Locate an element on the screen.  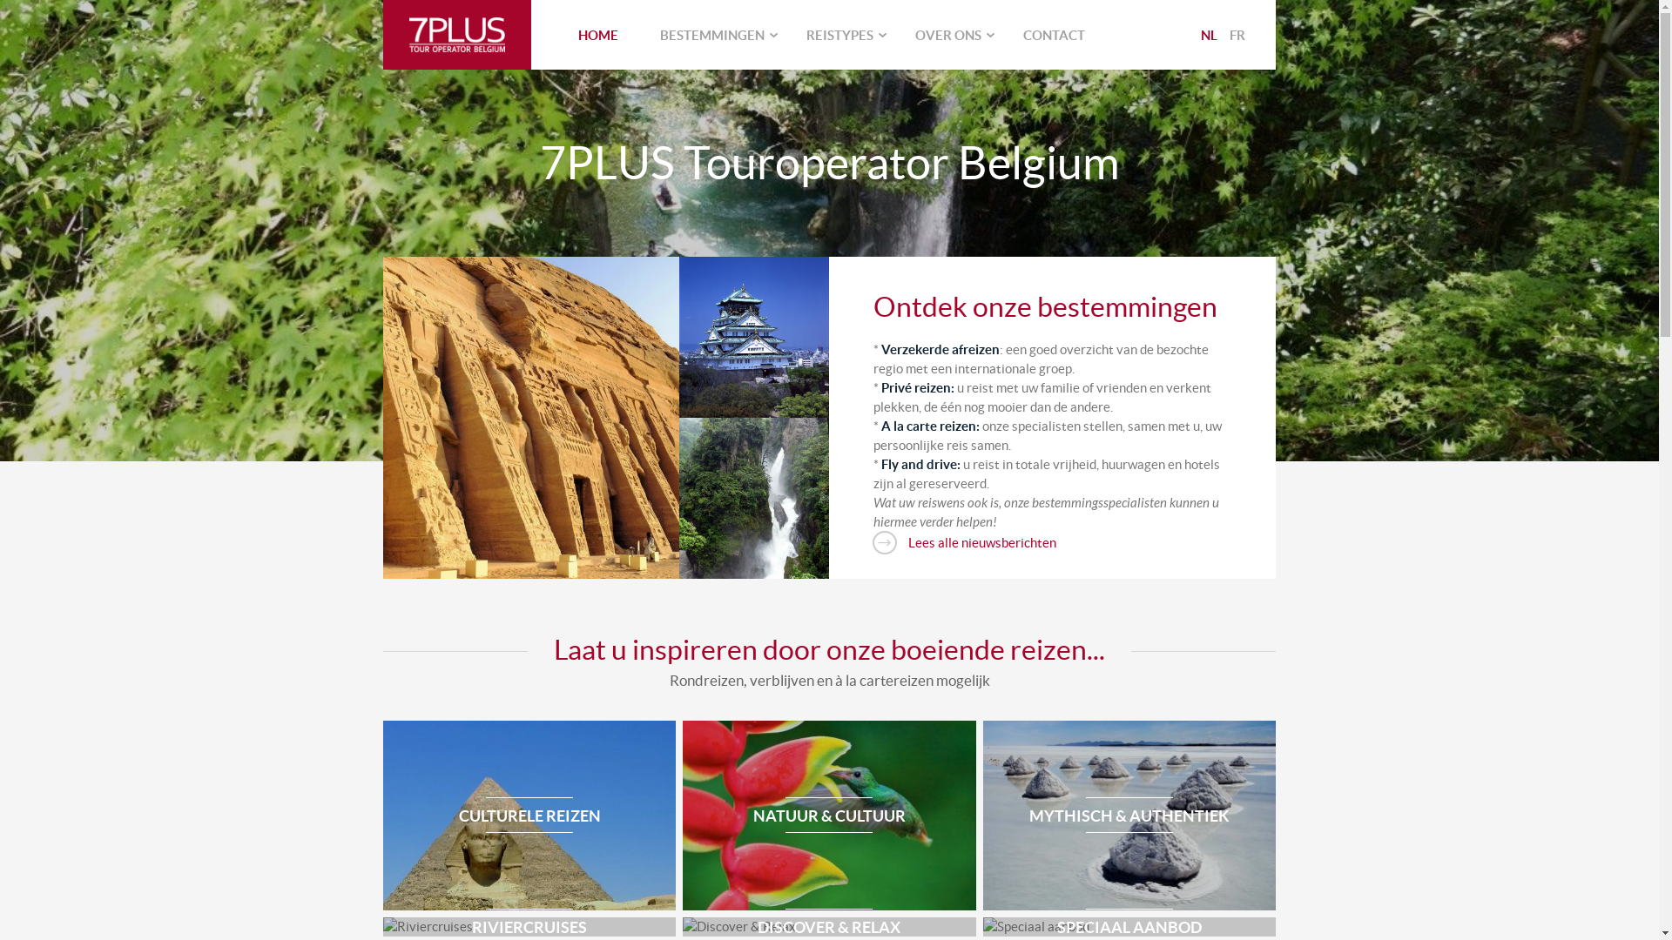
'BESTEMMINGEN' is located at coordinates (711, 34).